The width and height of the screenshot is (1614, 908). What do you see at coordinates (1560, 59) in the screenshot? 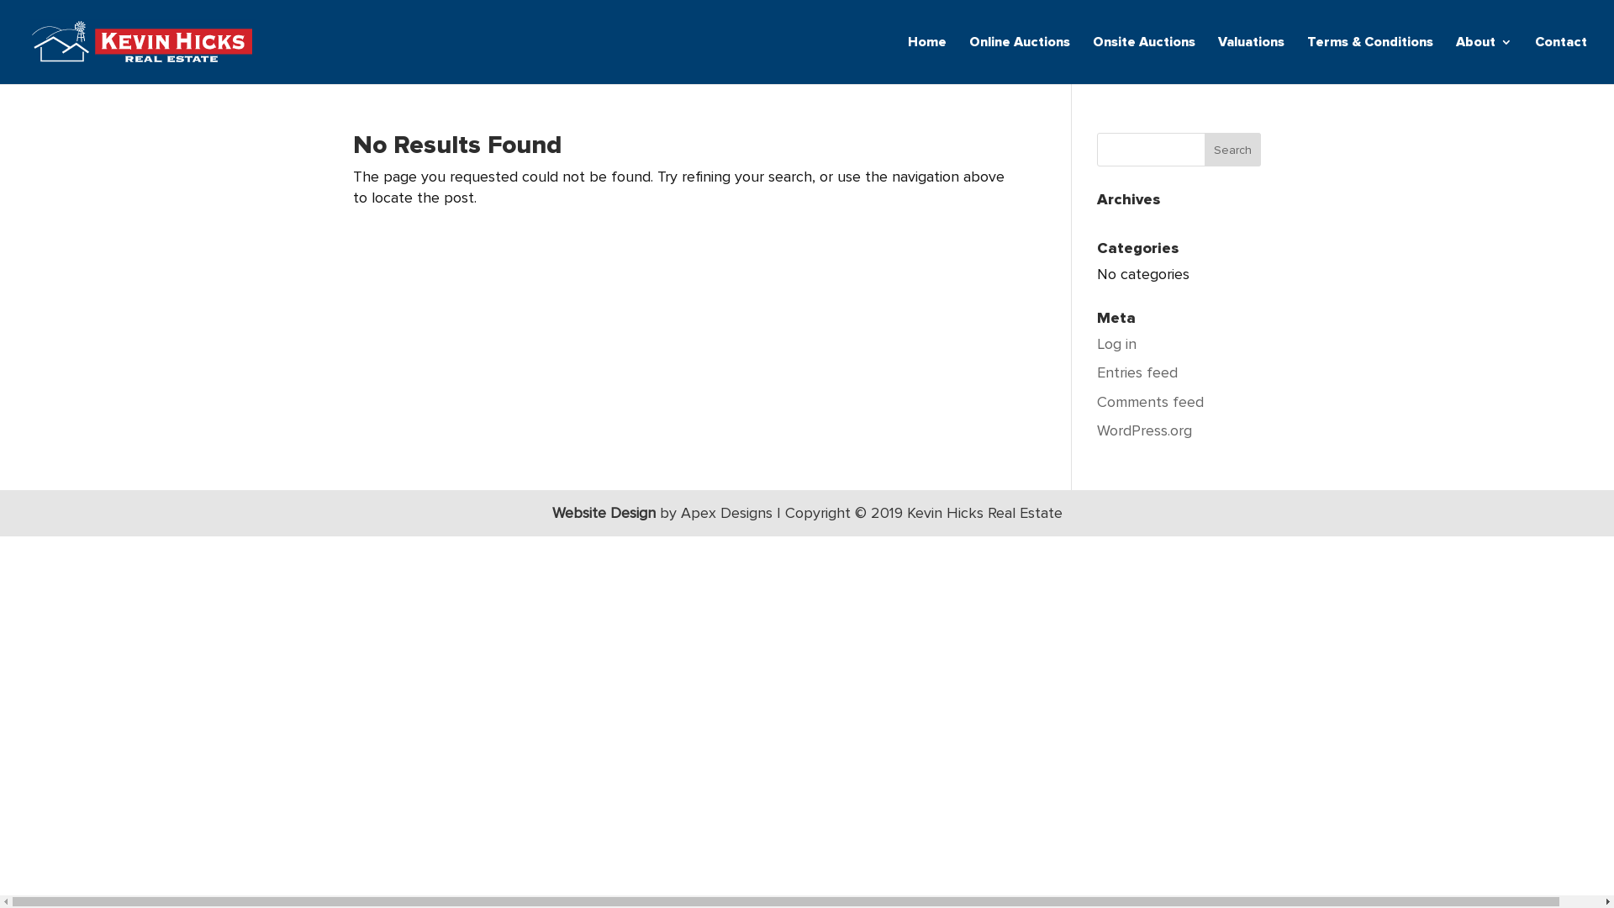
I see `'Contact'` at bounding box center [1560, 59].